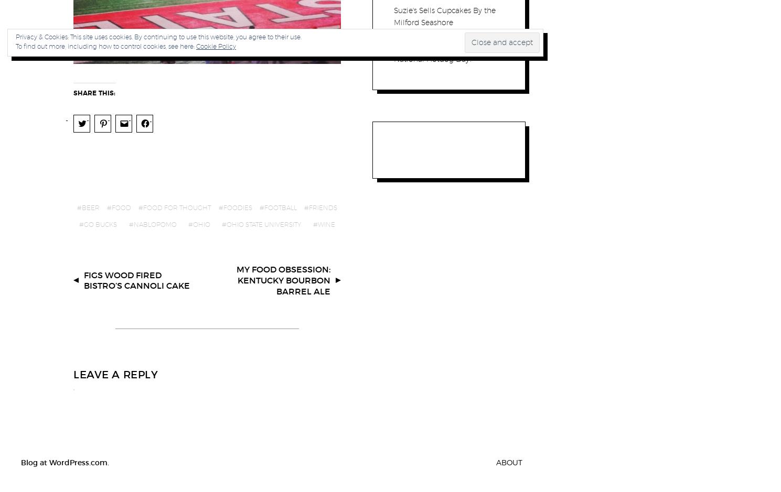 The height and width of the screenshot is (492, 781). Describe the element at coordinates (106, 46) in the screenshot. I see `'To find out more, including how to control cookies, see here:'` at that location.